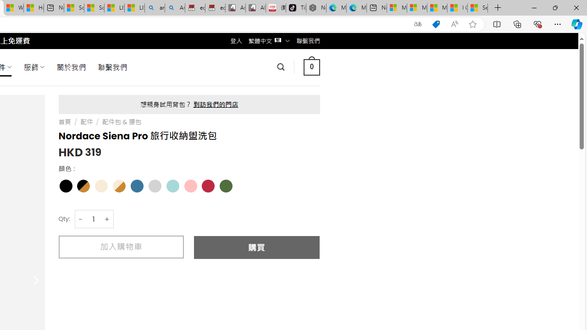  What do you see at coordinates (175, 8) in the screenshot?
I see `'Amazon Echo Dot PNG - Search Images'` at bounding box center [175, 8].